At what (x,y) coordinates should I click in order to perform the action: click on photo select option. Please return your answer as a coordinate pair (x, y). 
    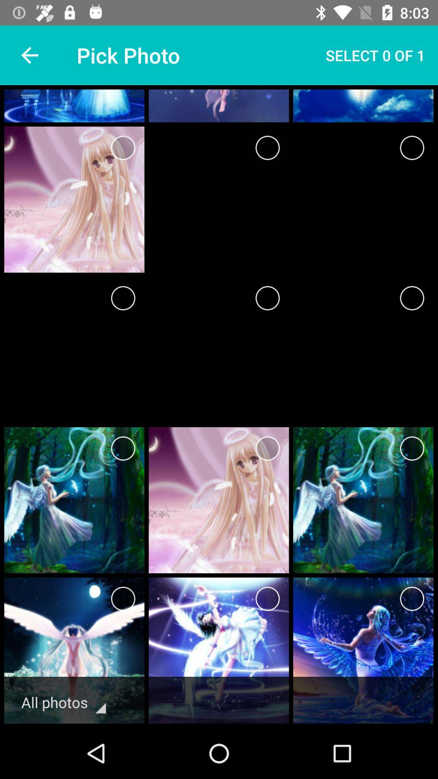
    Looking at the image, I should click on (123, 599).